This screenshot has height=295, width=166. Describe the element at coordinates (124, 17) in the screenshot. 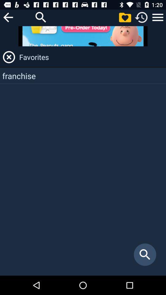

I see `favorites` at that location.